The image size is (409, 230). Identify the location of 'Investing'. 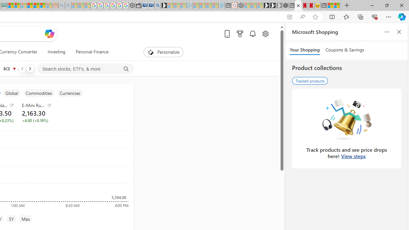
(56, 52).